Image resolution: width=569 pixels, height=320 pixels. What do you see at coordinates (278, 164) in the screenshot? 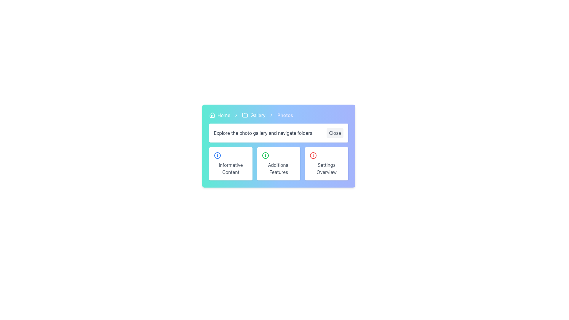
I see `the second card-style informational component in the three-column grid` at bounding box center [278, 164].